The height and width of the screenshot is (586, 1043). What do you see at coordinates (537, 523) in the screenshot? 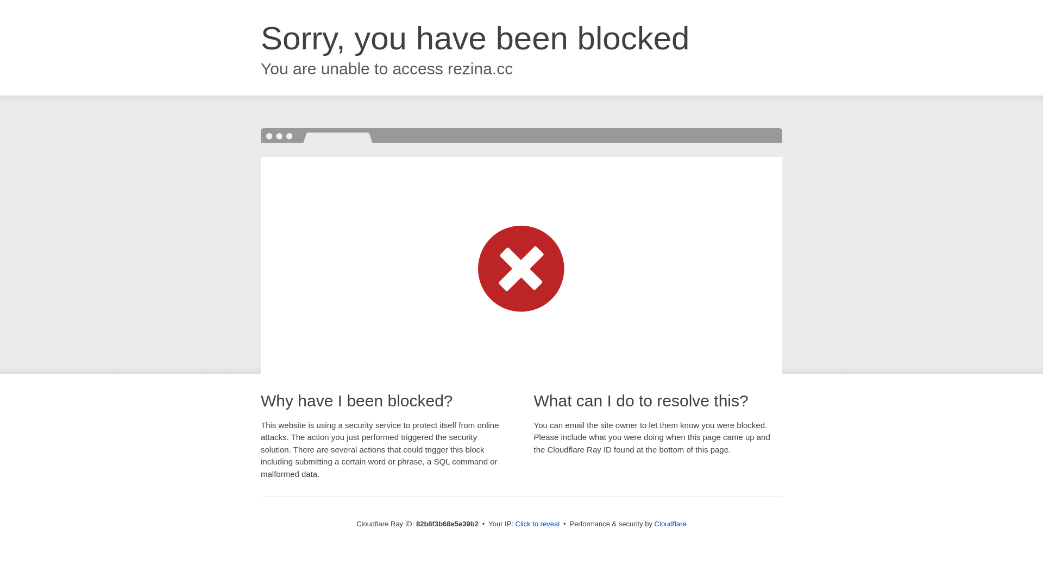
I see `'Click to reveal'` at bounding box center [537, 523].